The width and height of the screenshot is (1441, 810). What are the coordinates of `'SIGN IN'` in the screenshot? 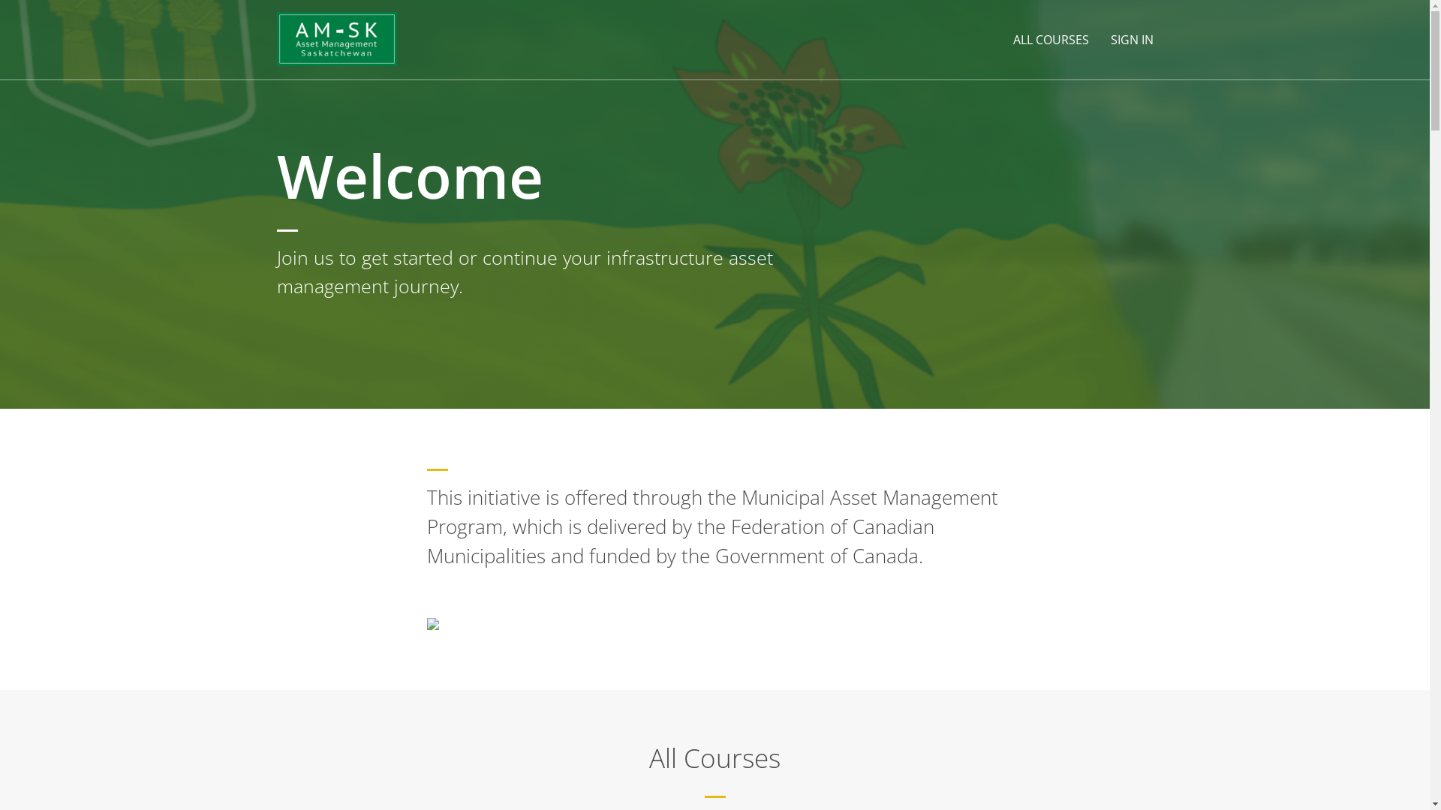 It's located at (1132, 39).